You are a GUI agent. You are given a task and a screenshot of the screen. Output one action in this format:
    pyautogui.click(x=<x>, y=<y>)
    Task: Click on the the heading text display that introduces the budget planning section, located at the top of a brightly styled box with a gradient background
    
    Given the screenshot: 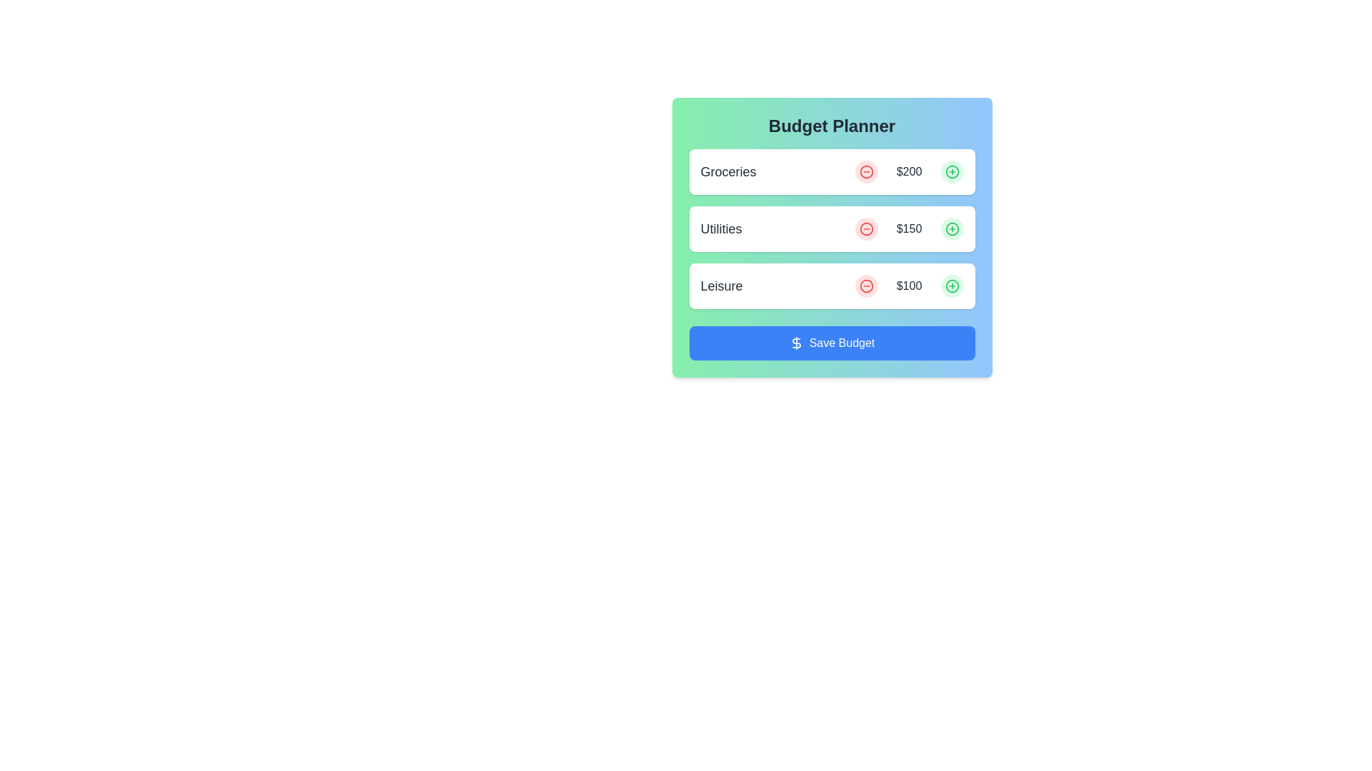 What is the action you would take?
    pyautogui.click(x=832, y=126)
    